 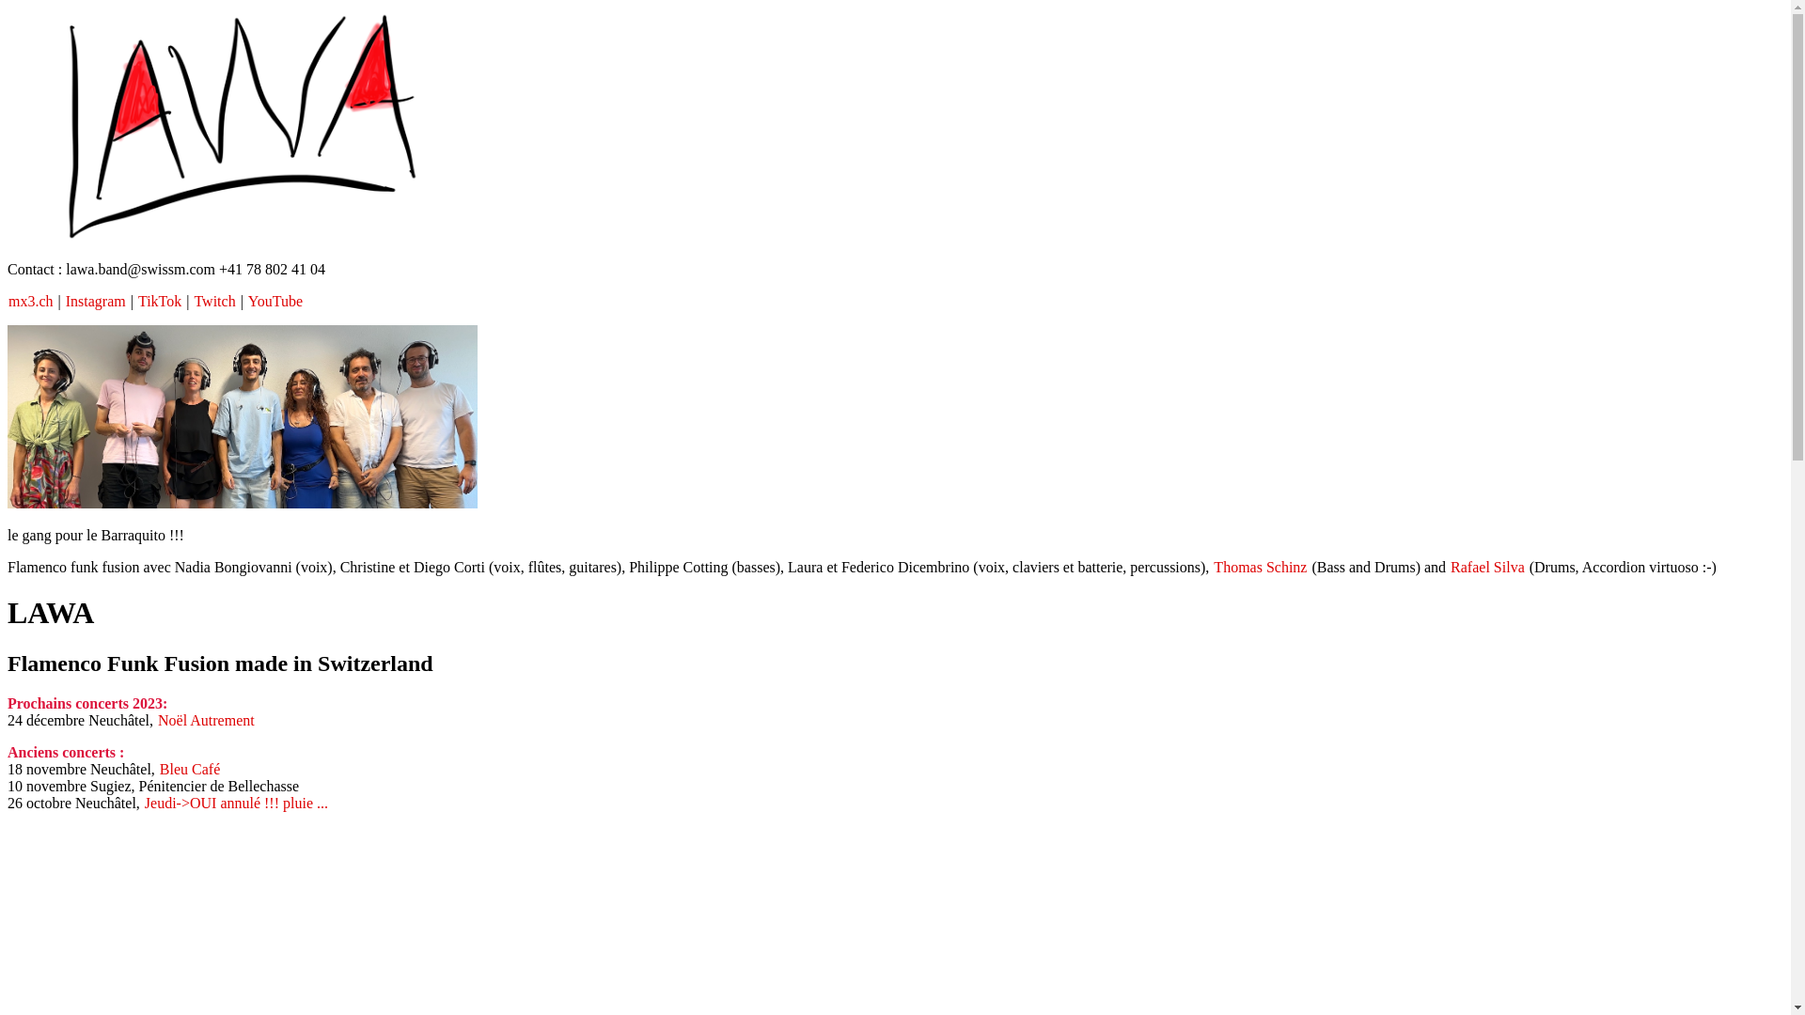 What do you see at coordinates (64, 299) in the screenshot?
I see `'Instagram'` at bounding box center [64, 299].